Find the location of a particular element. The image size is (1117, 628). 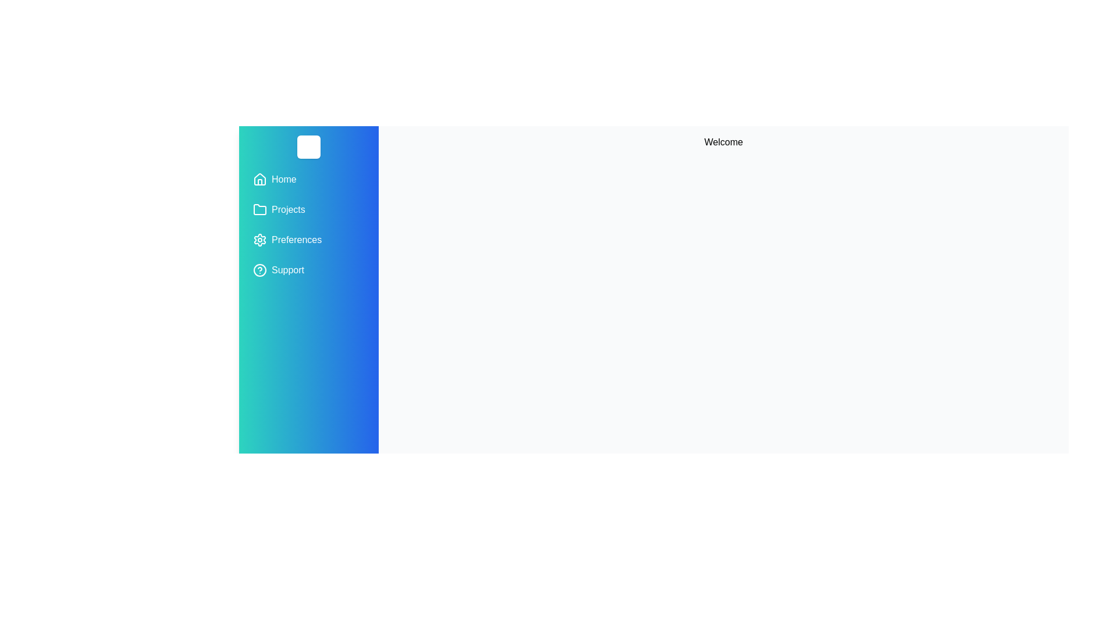

the menu item Preferences is located at coordinates (309, 239).